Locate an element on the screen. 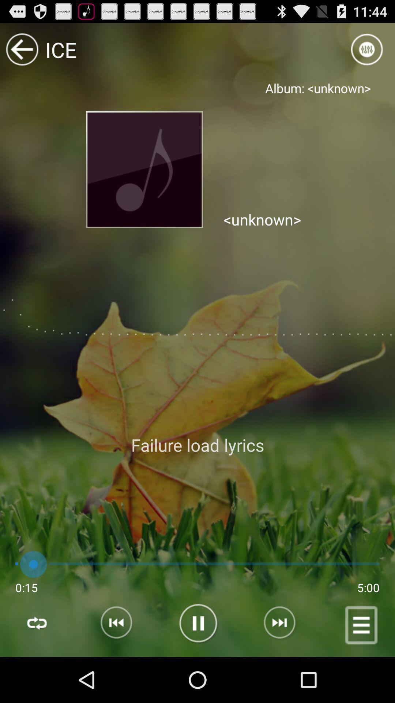  the repeat icon is located at coordinates (36, 670).